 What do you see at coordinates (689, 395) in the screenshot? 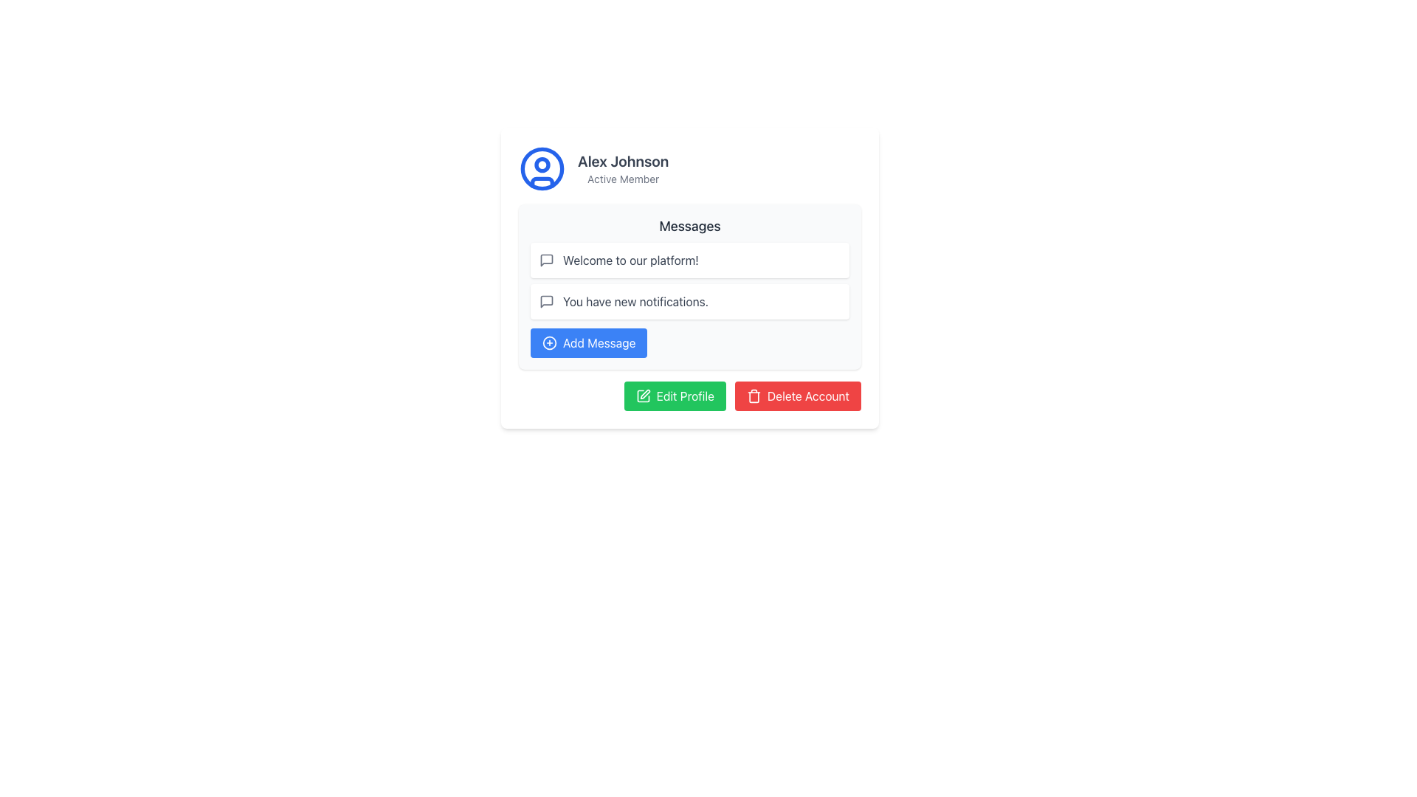
I see `the green 'Edit Profile' button with rounded corners and a pen icon to observe changes in its style indicating interactivity` at bounding box center [689, 395].